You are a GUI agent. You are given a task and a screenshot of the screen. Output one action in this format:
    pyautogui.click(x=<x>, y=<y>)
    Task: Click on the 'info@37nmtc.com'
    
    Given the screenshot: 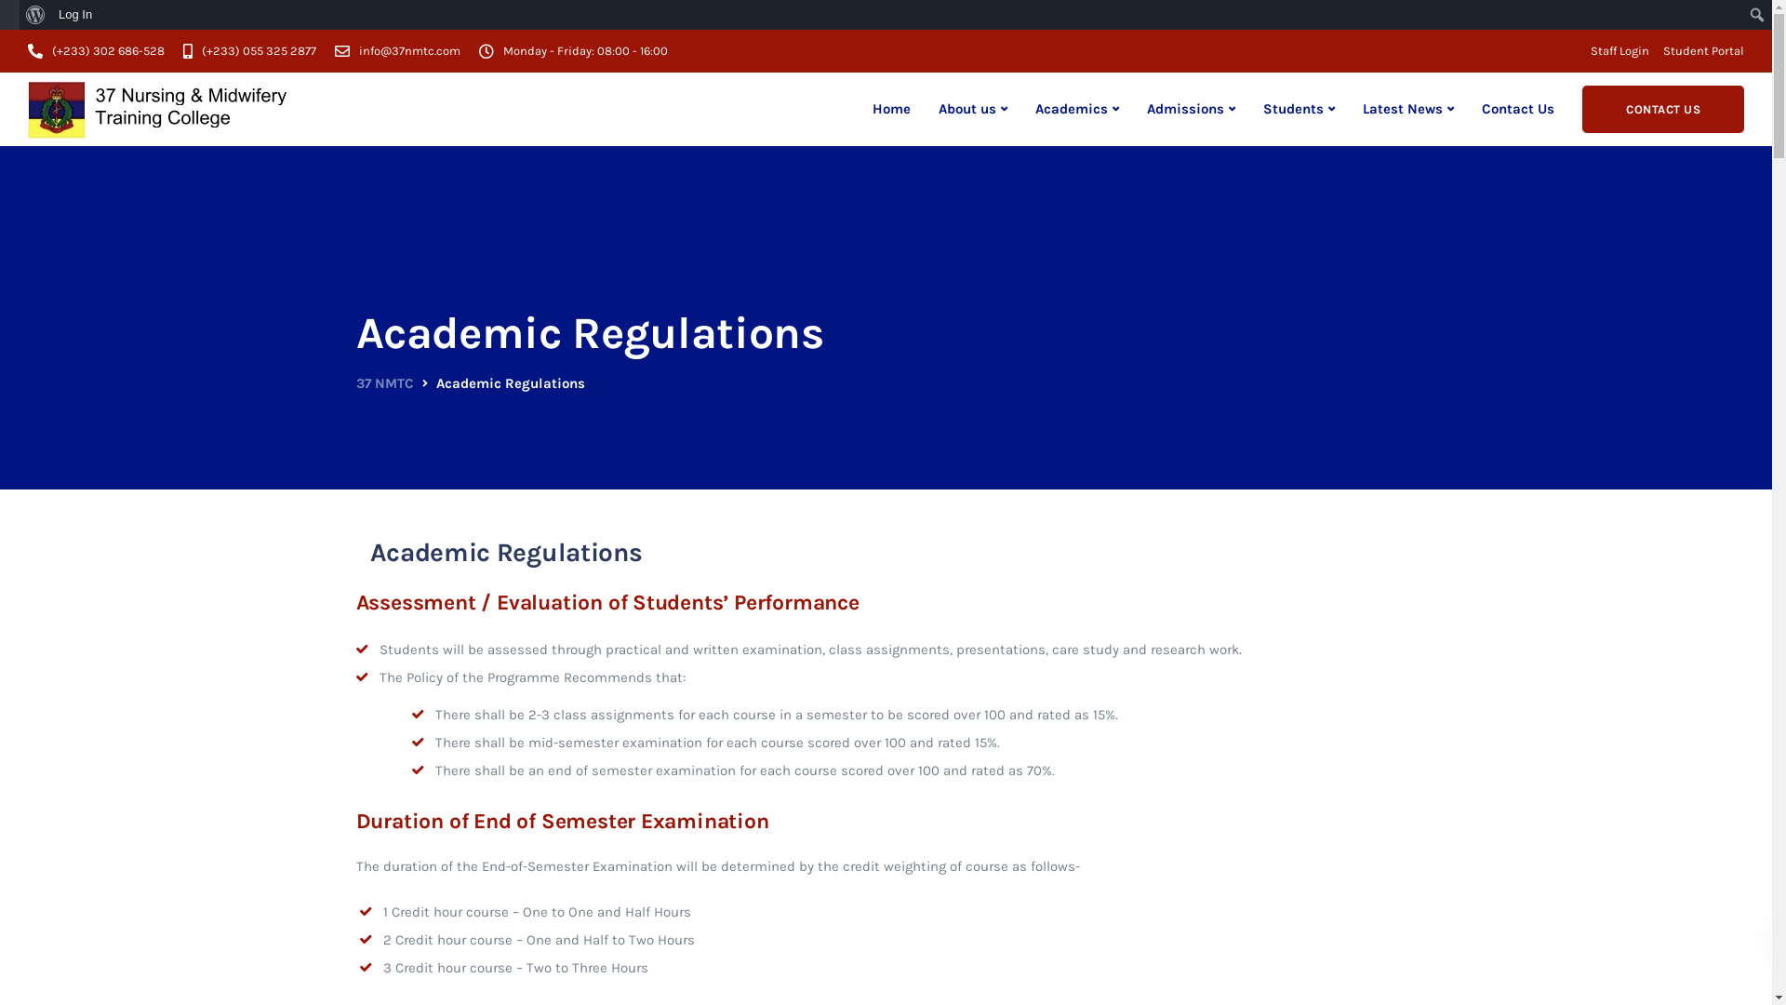 What is the action you would take?
    pyautogui.click(x=413, y=49)
    